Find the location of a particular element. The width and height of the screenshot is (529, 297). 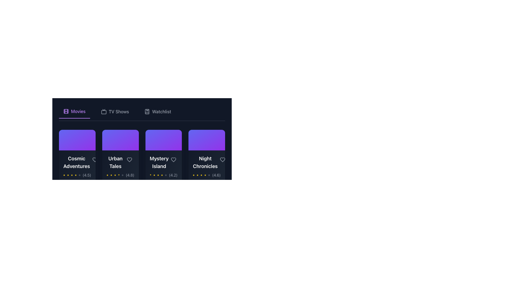

the third star icon in the rating system under the title 'Cosmic Adventures' is located at coordinates (71, 175).